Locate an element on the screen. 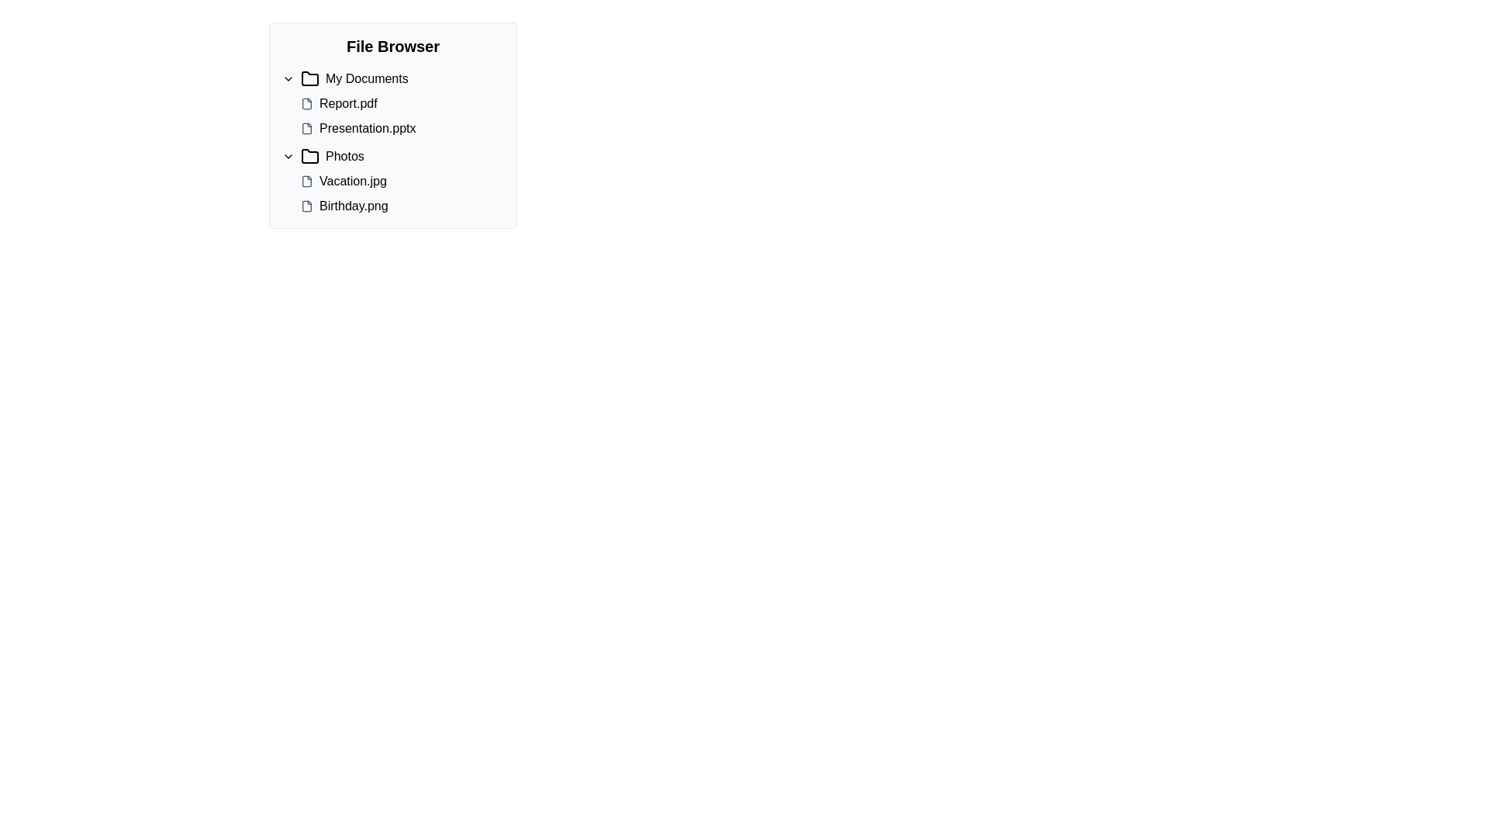 The width and height of the screenshot is (1489, 838). the file entry for 'Presentation.pptx' in the file browser is located at coordinates (402, 127).